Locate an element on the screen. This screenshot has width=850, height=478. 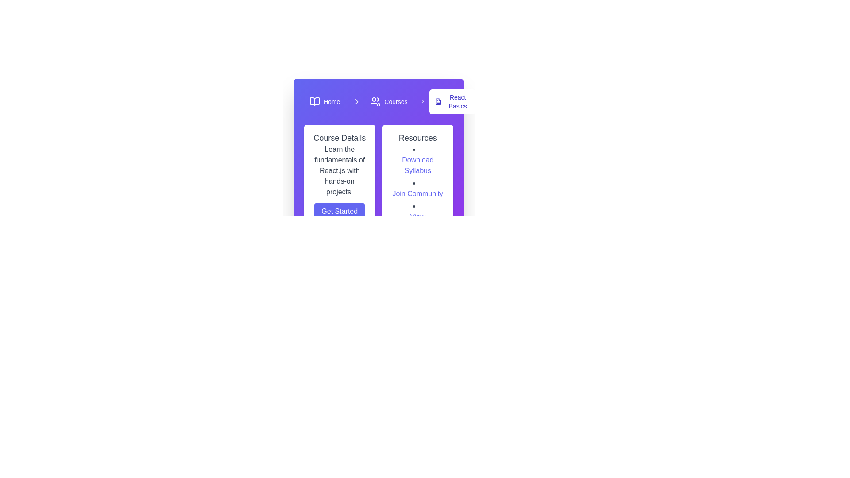
the first right-pointing chevron icon in the breadcrumb navigation bar, which is light gray against a purple background, located between 'Home' and 'Courses' is located at coordinates (357, 101).